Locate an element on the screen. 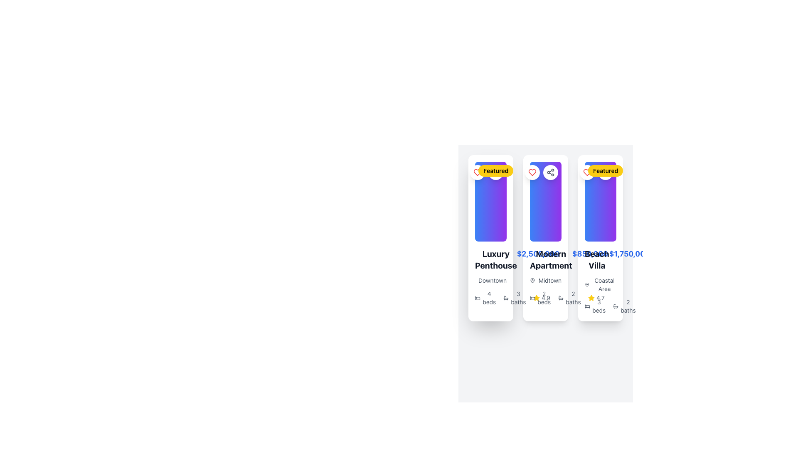 The width and height of the screenshot is (798, 449). information about the number of bedrooms available in the property, located in the lower center portion of the second card of property listings, below the location text and next to the bed icon is located at coordinates (544, 298).